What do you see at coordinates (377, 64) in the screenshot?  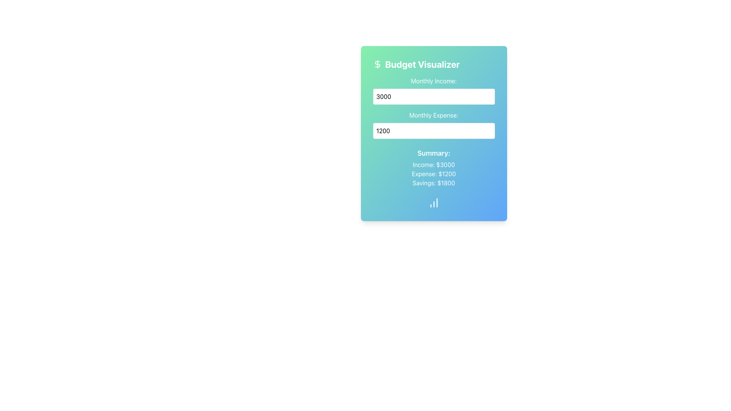 I see `the decorative icon representing the 'Budget Visualizer' heading, which is located in the top-left corner of the card interface` at bounding box center [377, 64].